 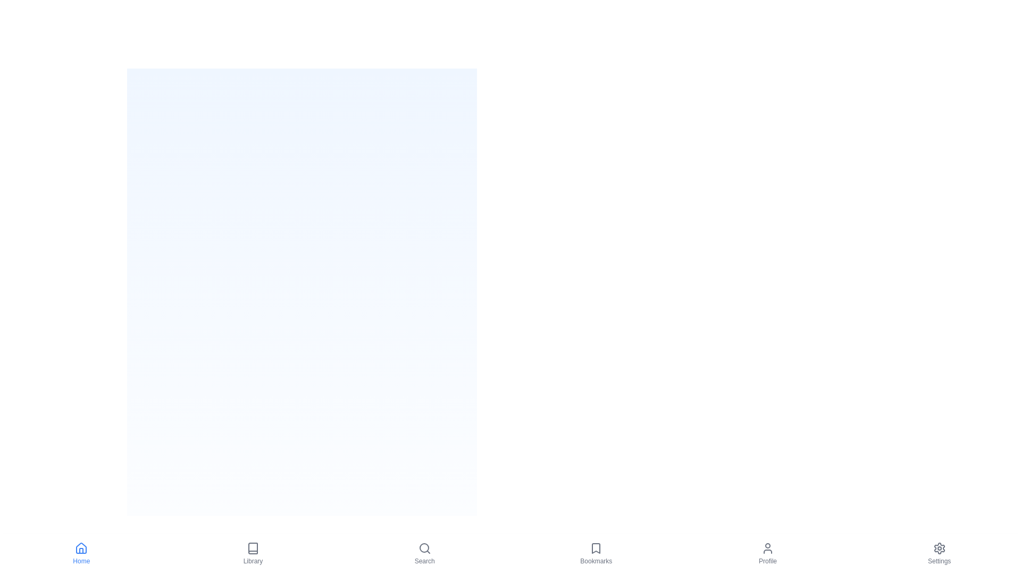 What do you see at coordinates (596, 553) in the screenshot?
I see `the Bookmarks tab by clicking its icon` at bounding box center [596, 553].